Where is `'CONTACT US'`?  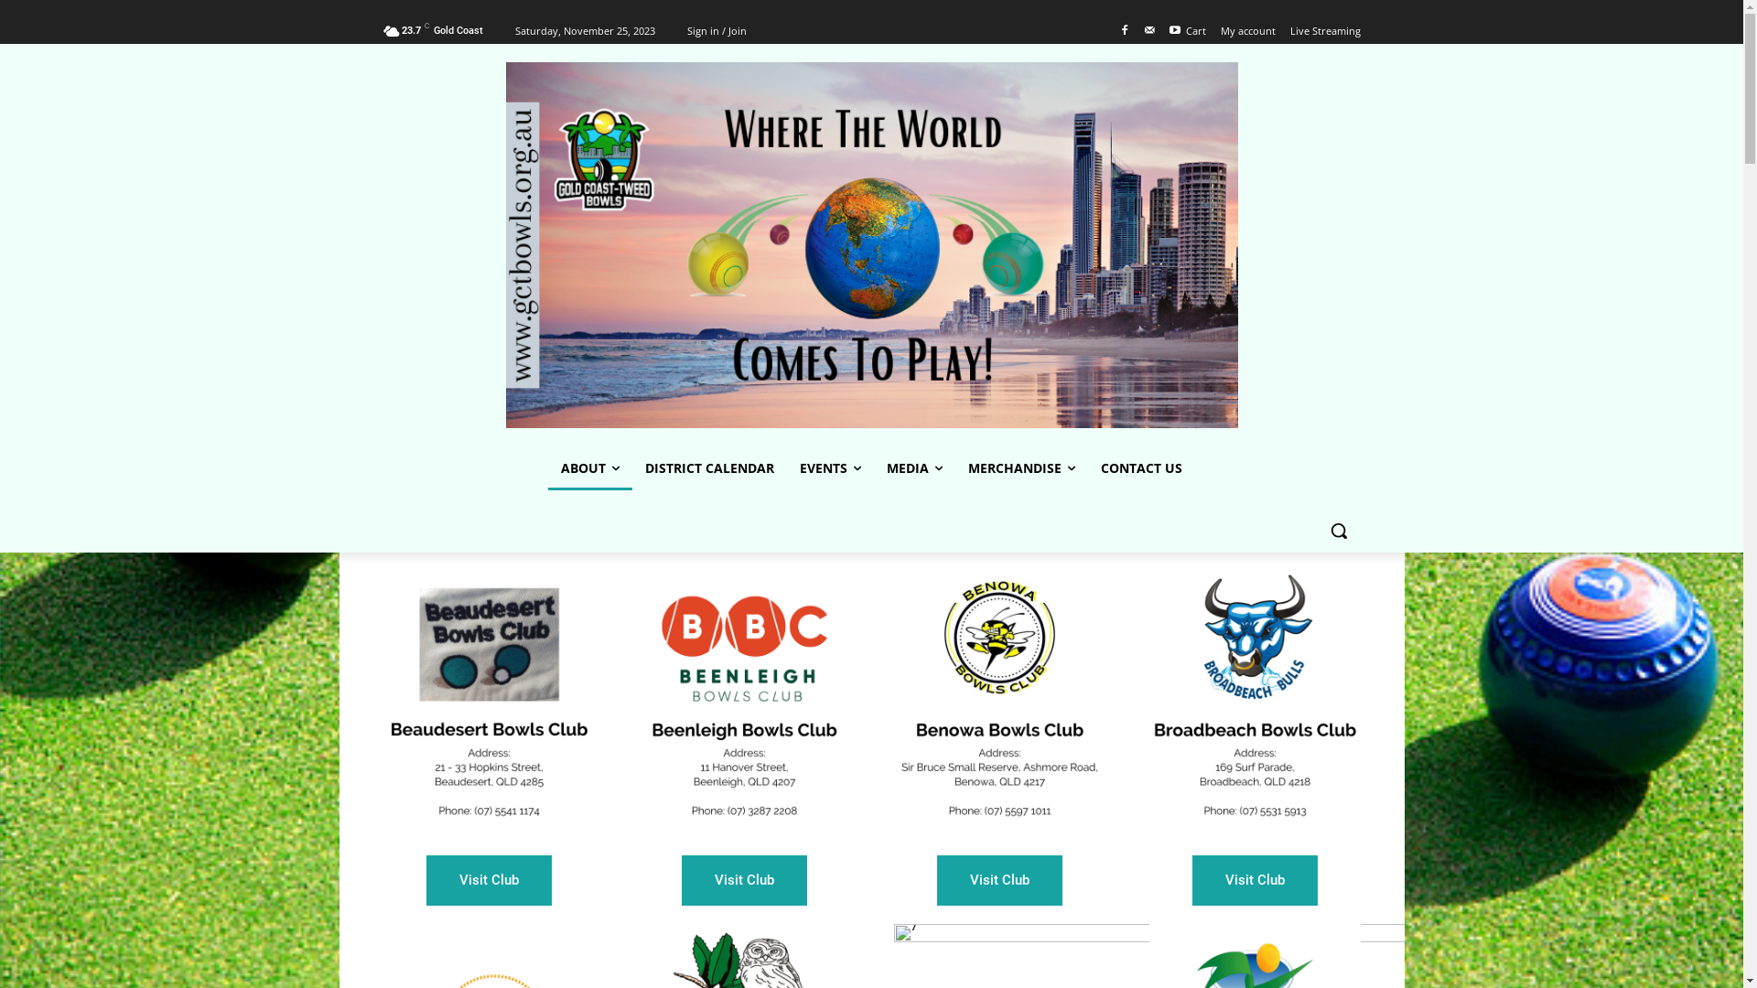 'CONTACT US' is located at coordinates (1140, 467).